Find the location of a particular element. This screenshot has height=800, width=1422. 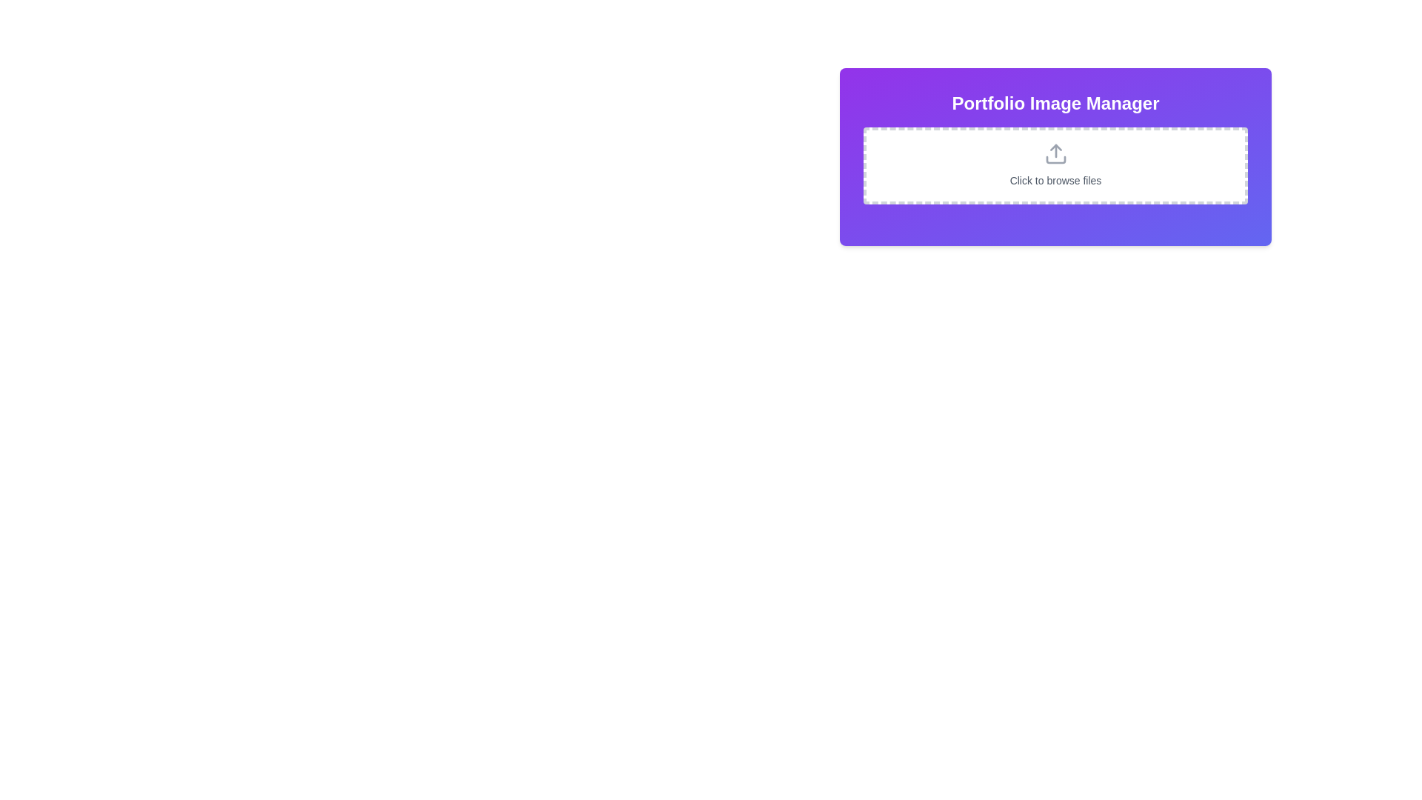

the upload icon, which is visually represented to indicate file upload functionality, located above the 'Click to browse files' text is located at coordinates (1055, 154).